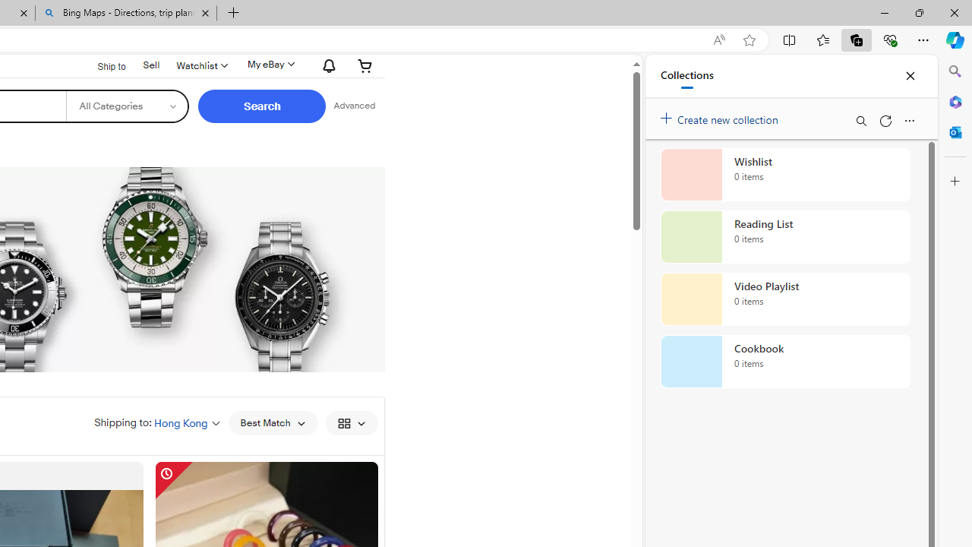 The image size is (972, 547). What do you see at coordinates (151, 64) in the screenshot?
I see `'Sell'` at bounding box center [151, 64].